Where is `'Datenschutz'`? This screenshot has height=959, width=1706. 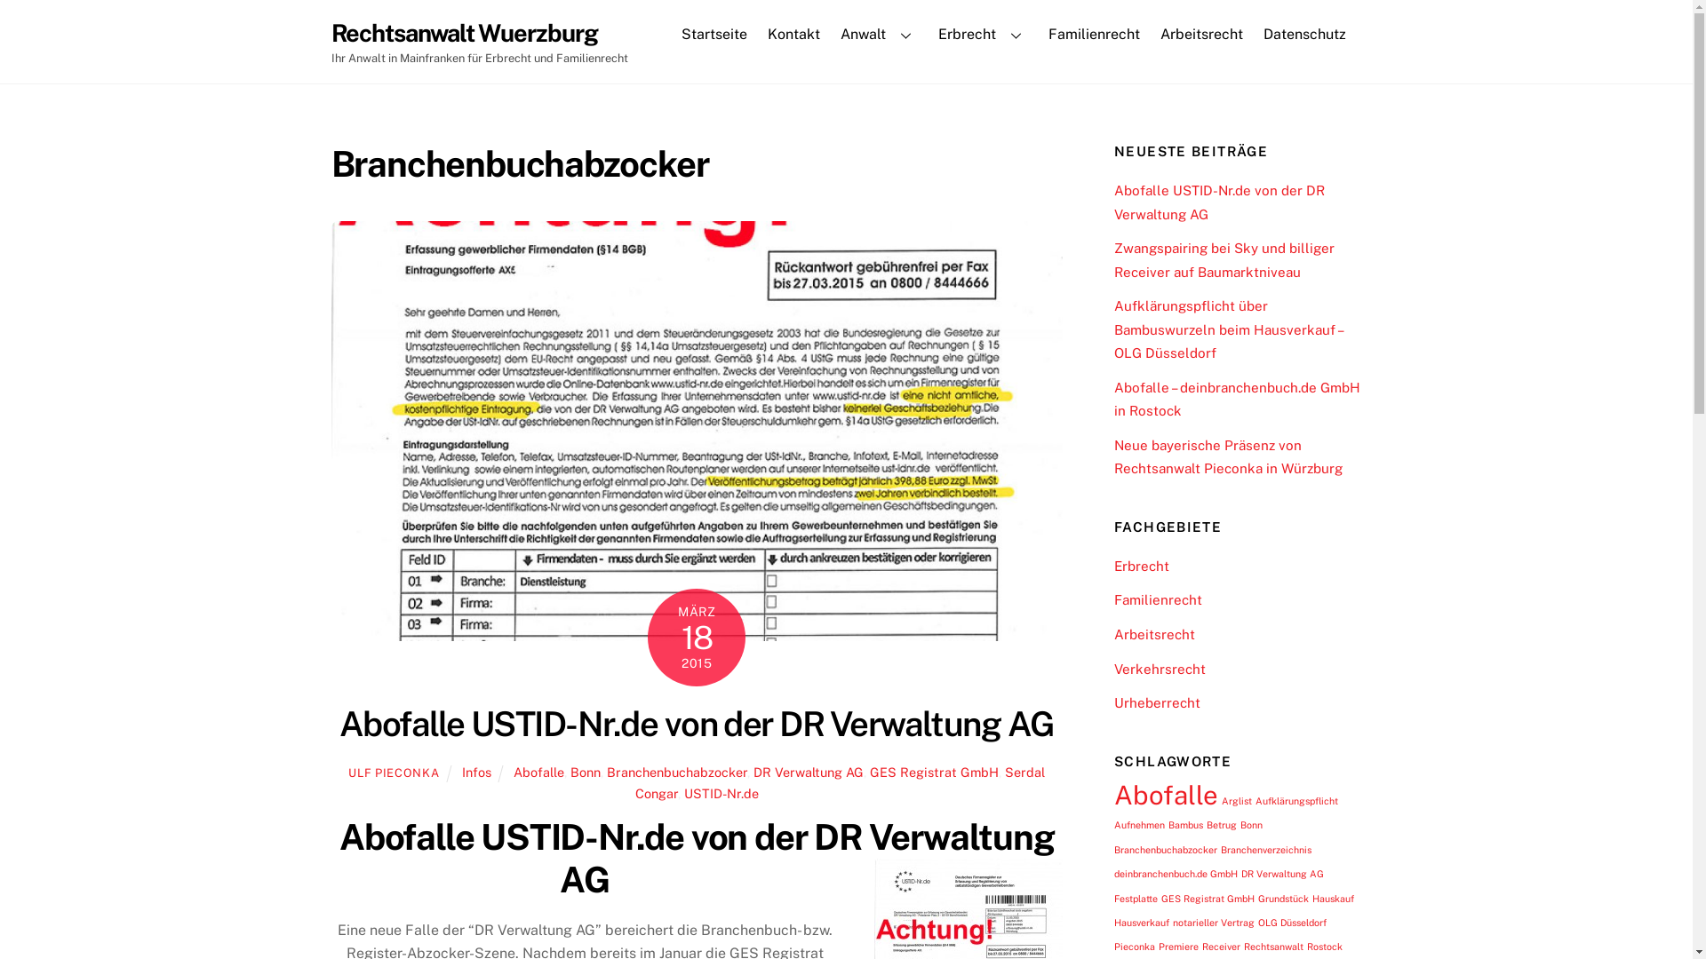 'Datenschutz' is located at coordinates (1304, 34).